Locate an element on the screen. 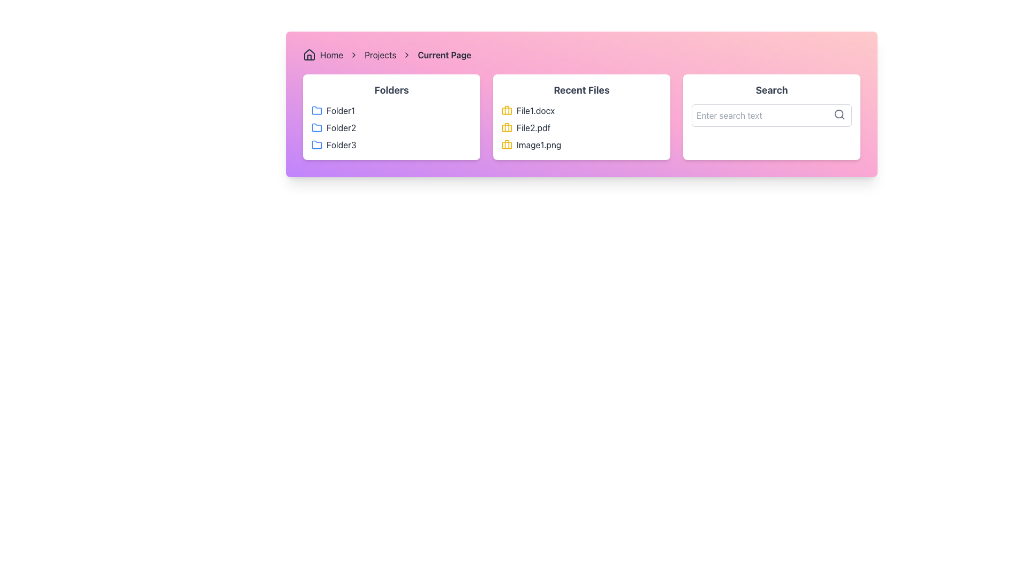 Image resolution: width=1028 pixels, height=578 pixels. static text element that indicates the current page in the breadcrumb navigation, located as the third item after 'Home' and 'Projects' is located at coordinates (444, 55).